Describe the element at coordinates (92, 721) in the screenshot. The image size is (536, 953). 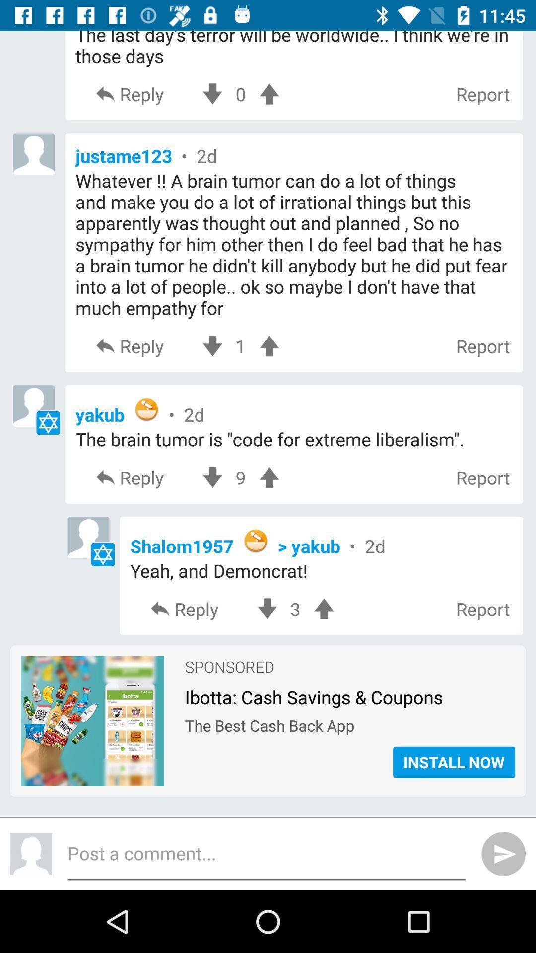
I see `the icon next to the sponsored` at that location.